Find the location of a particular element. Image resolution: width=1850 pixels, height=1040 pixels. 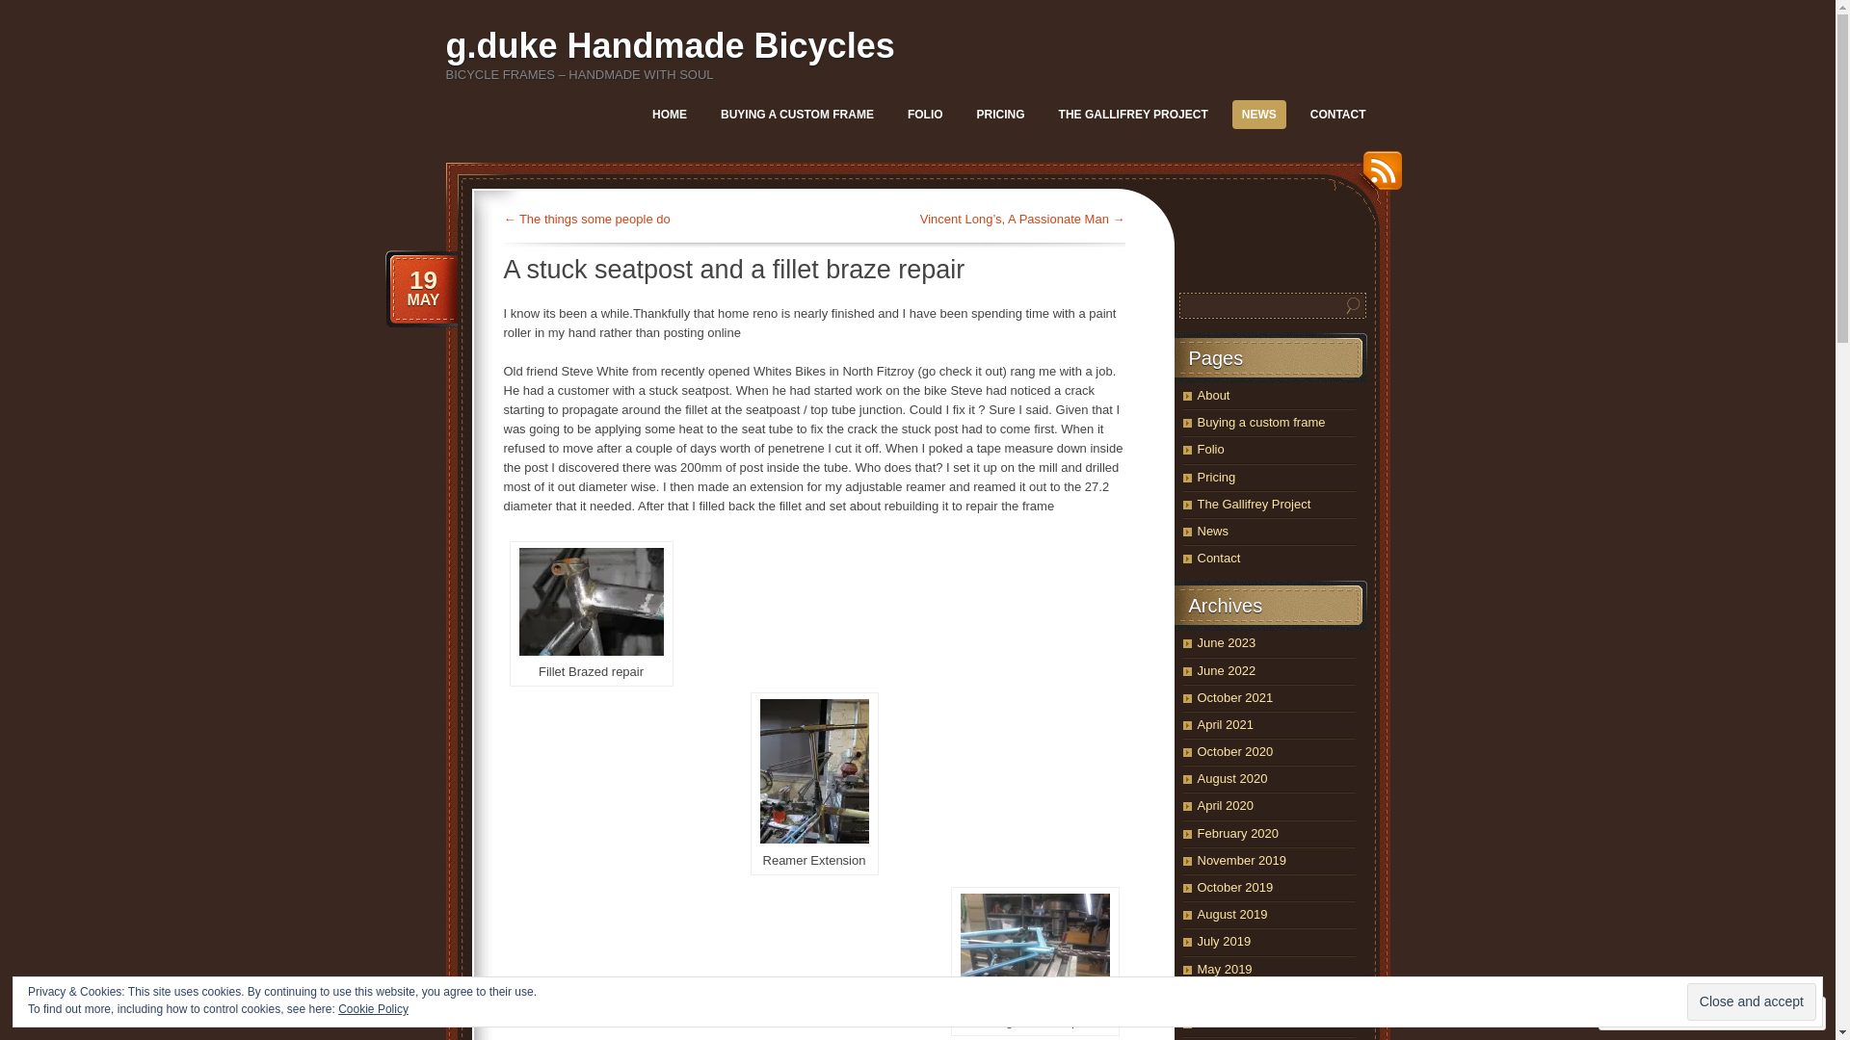

'June 2022' is located at coordinates (1225, 668).